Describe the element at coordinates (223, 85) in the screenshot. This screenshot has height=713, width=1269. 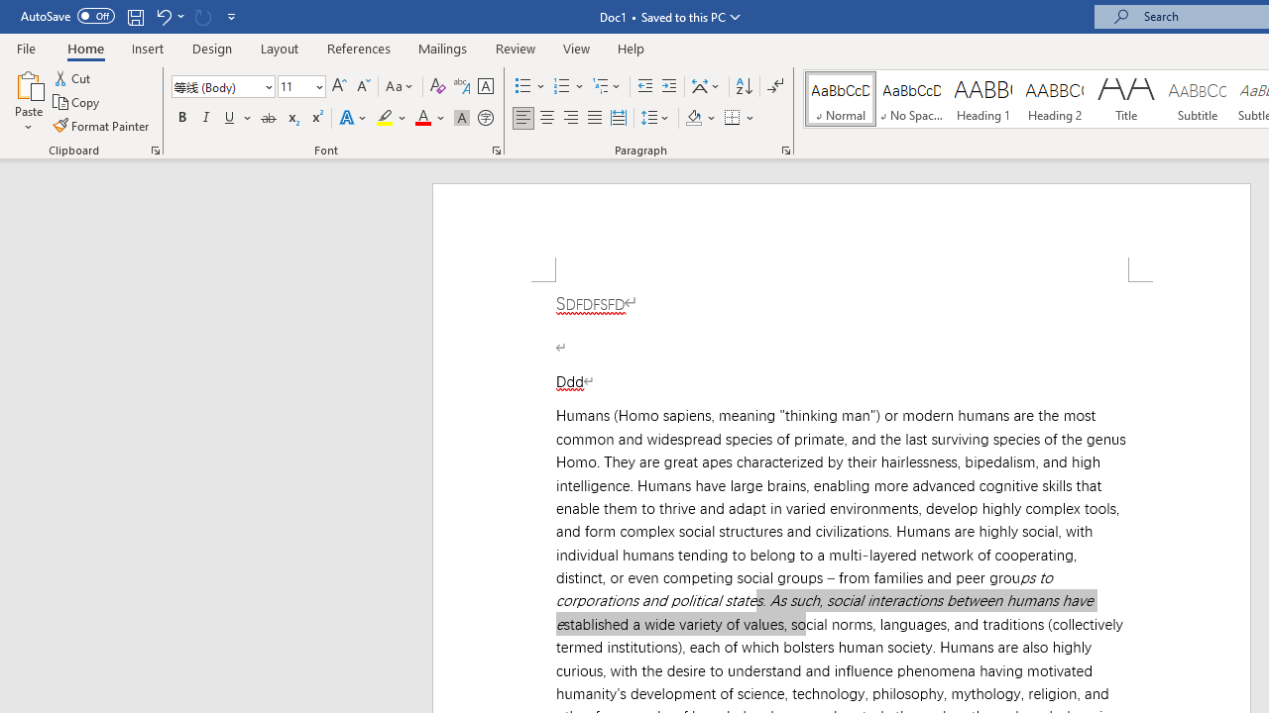
I see `'Font'` at that location.